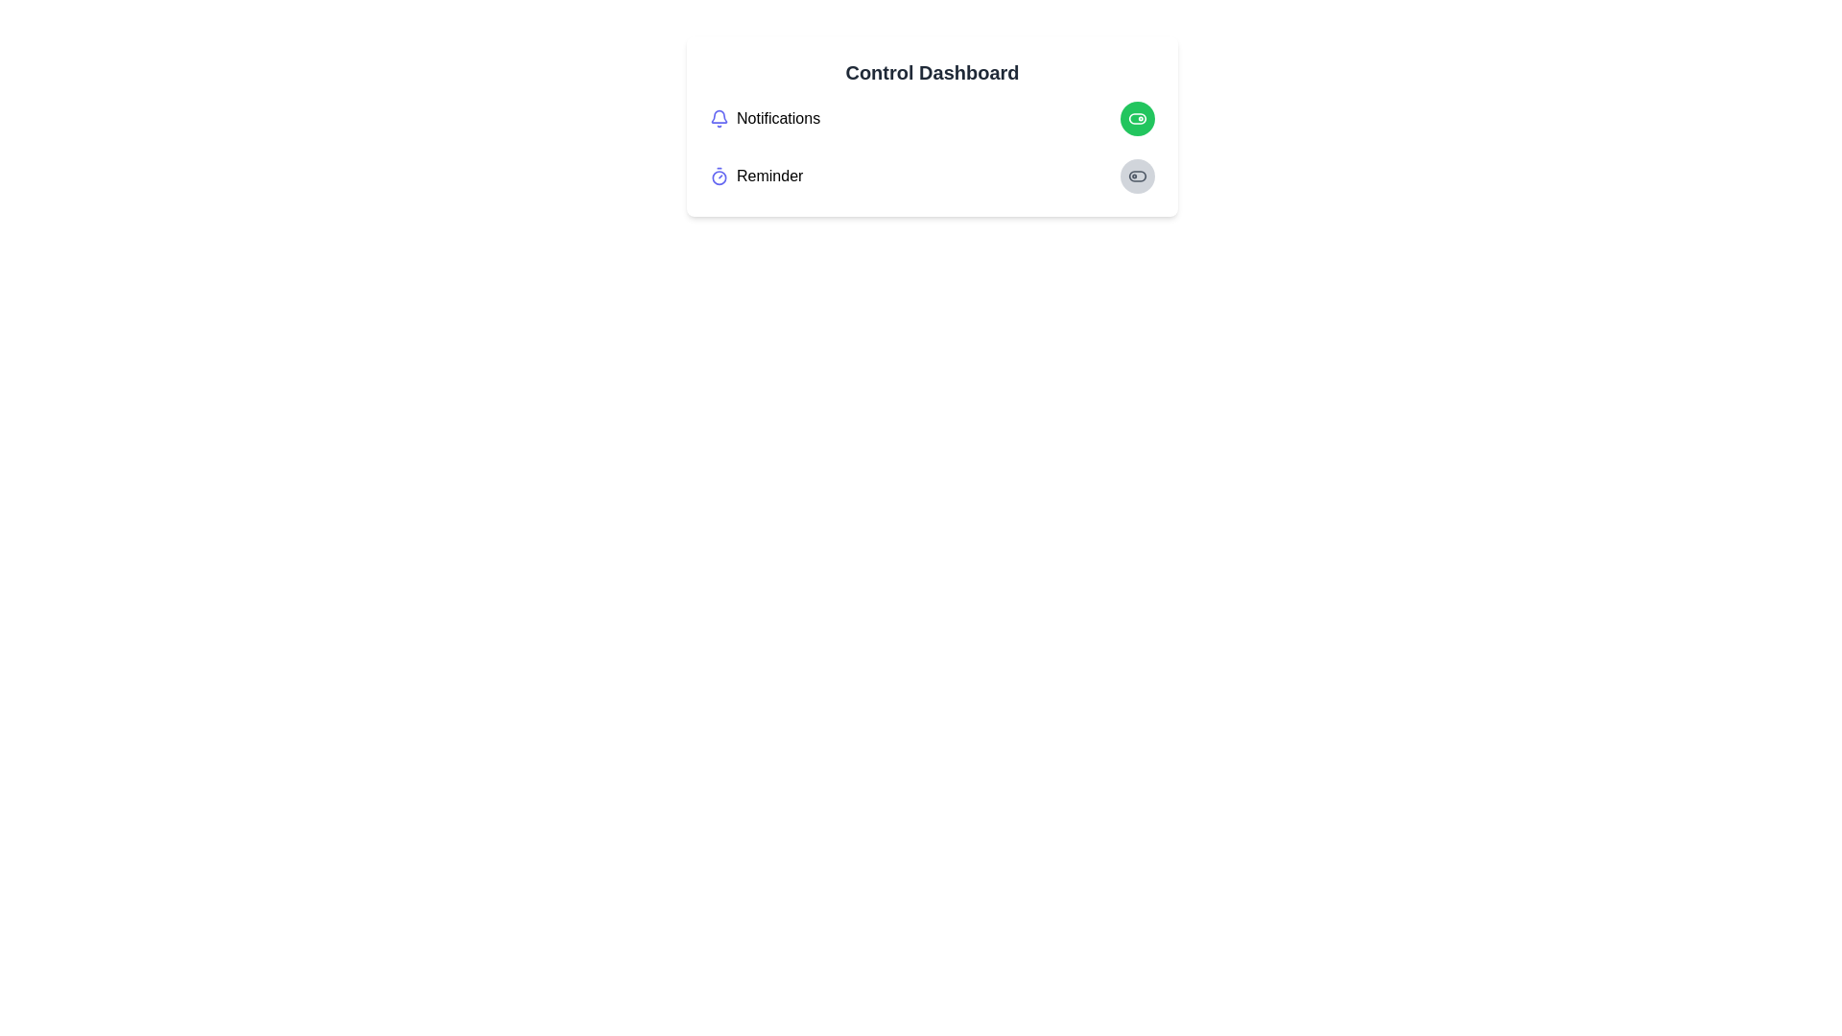 Image resolution: width=1842 pixels, height=1036 pixels. I want to click on the central circular shape of the clock-like reminder icon with a blue border located to the left of the 'Reminder' text, so click(718, 177).